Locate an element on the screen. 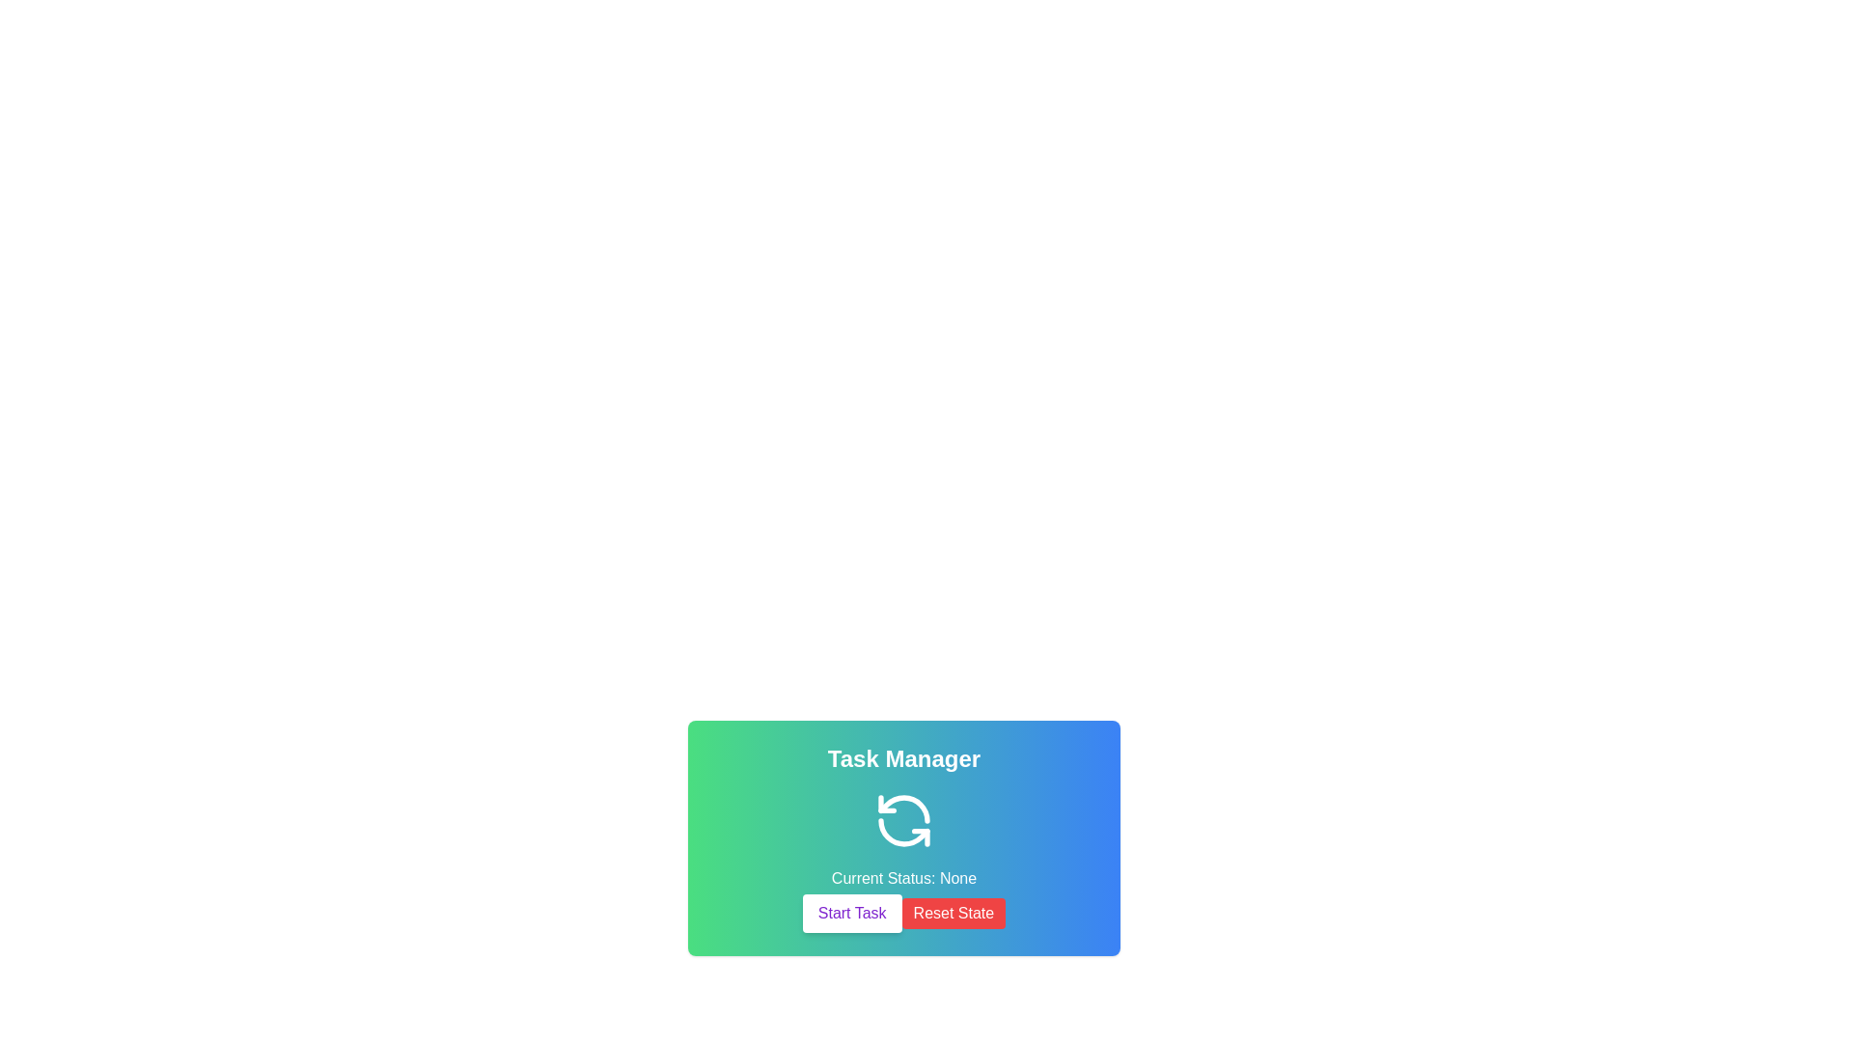 The width and height of the screenshot is (1853, 1042). the reset button located to the right of the 'Start Task' button in the 'Task Manager' panel to observe a color change is located at coordinates (954, 913).